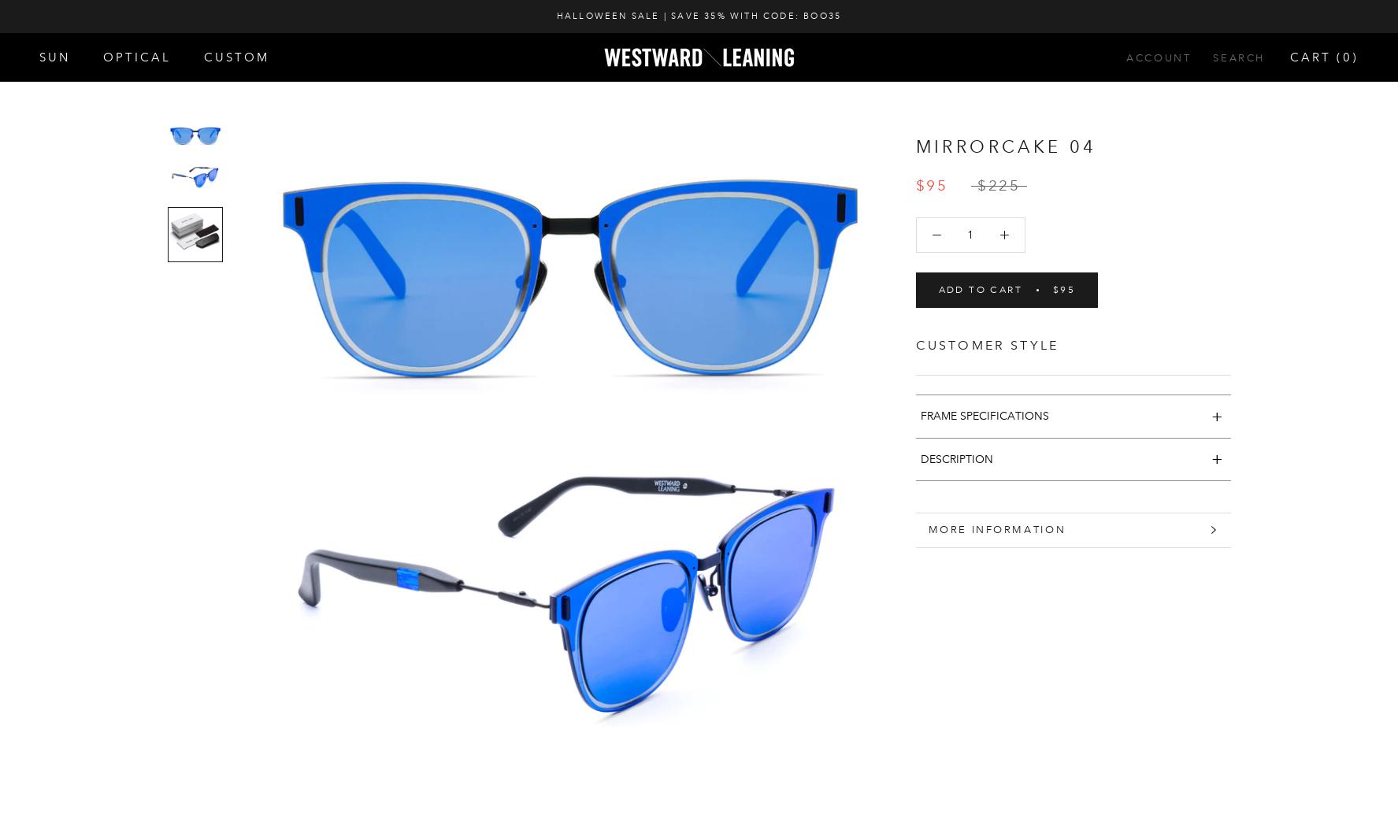 This screenshot has width=1398, height=815. What do you see at coordinates (937, 289) in the screenshot?
I see `'Add to cart'` at bounding box center [937, 289].